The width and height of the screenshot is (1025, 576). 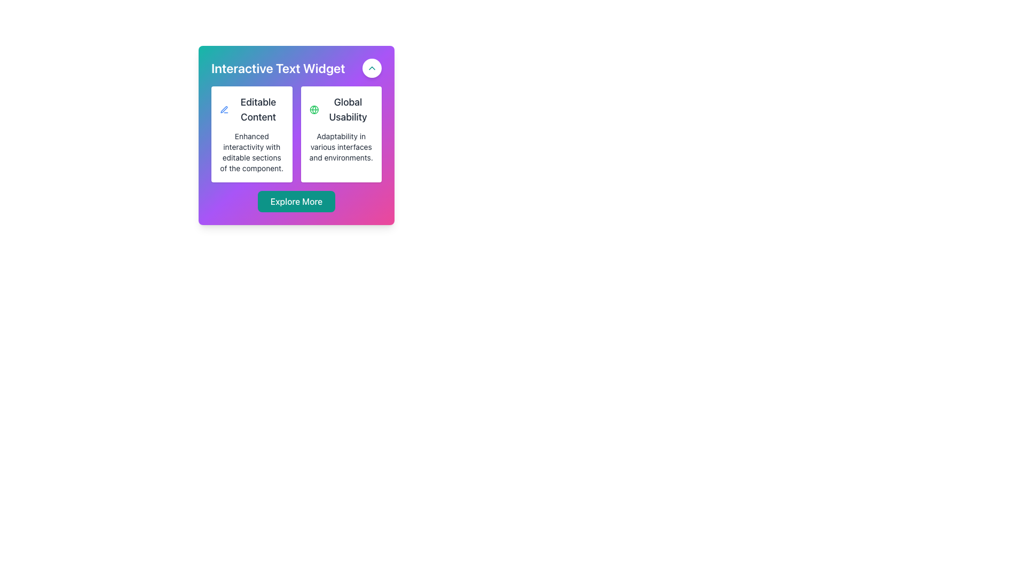 What do you see at coordinates (348, 109) in the screenshot?
I see `the 'Global Usability' text label, which is displayed in bold within a white card, centered above additional descriptive text and marked by a green globe icon` at bounding box center [348, 109].